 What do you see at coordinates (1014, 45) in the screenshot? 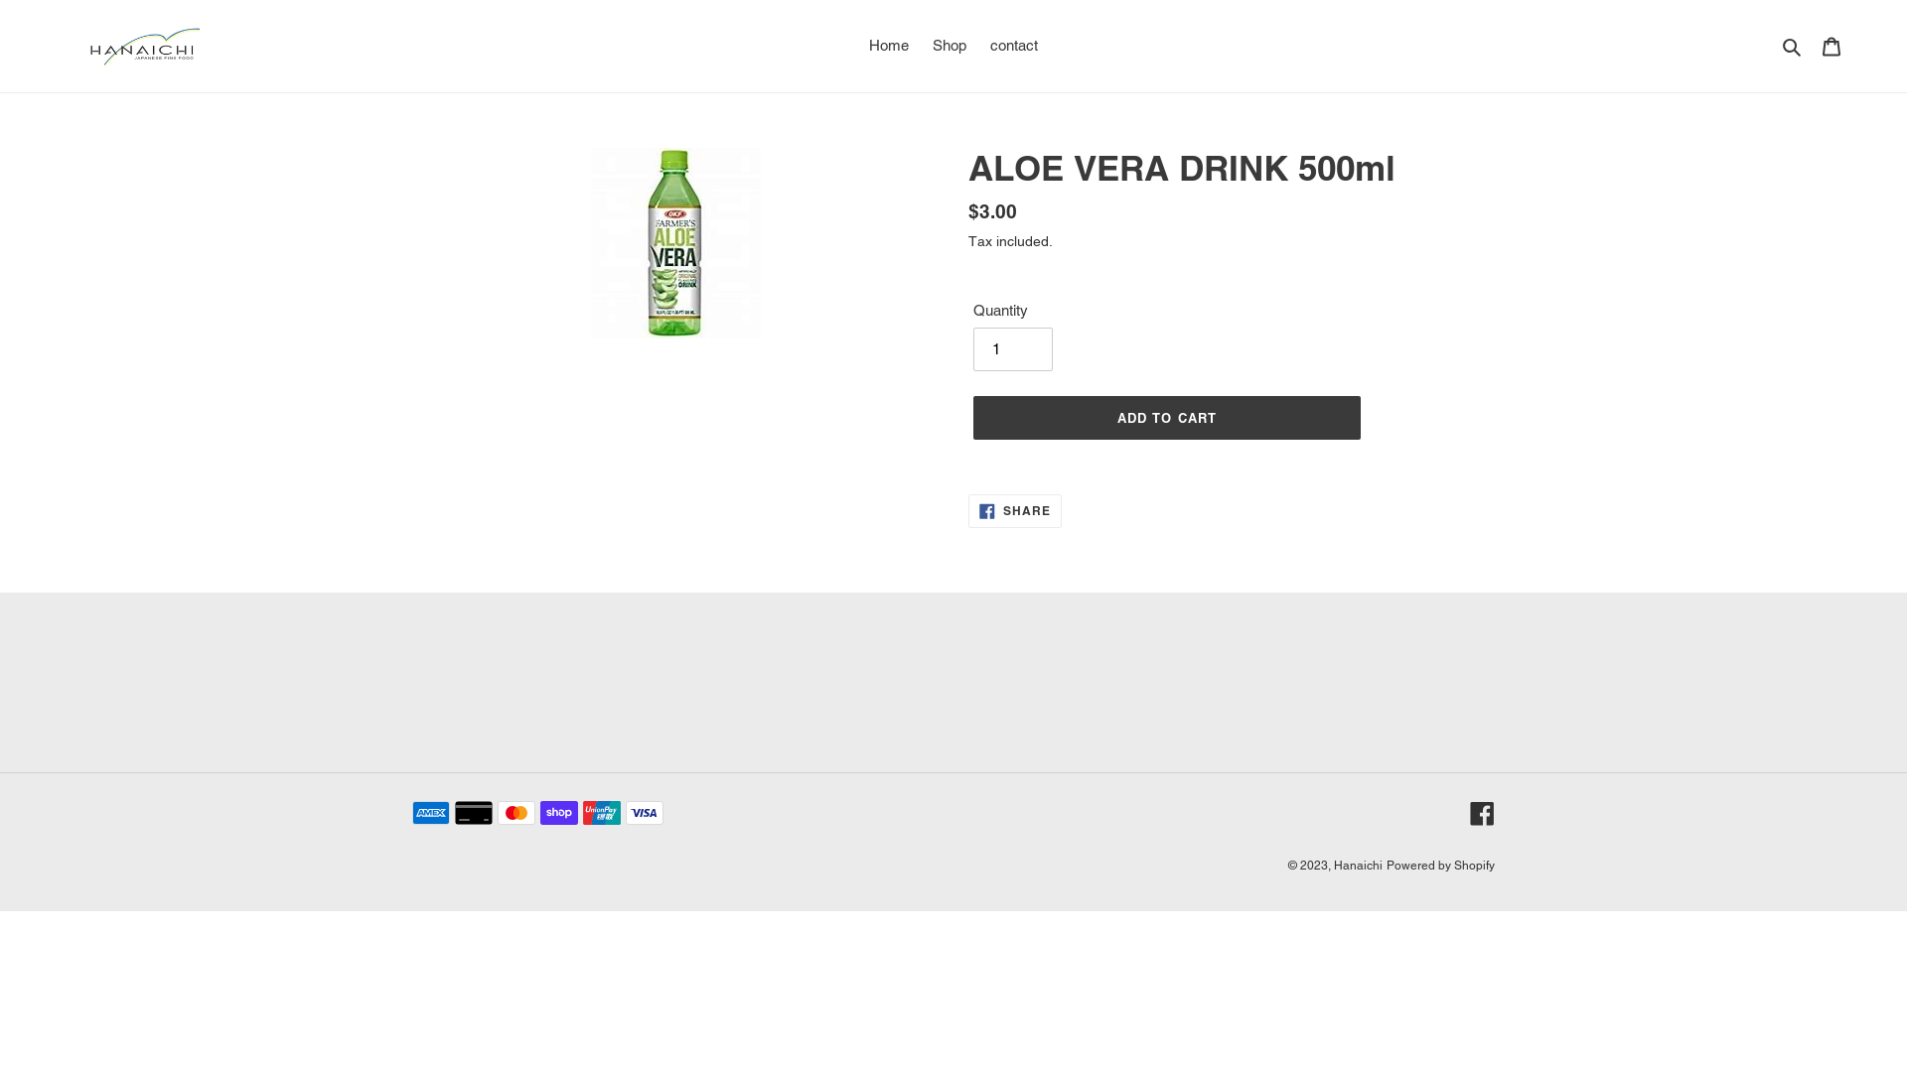
I see `'contact'` at bounding box center [1014, 45].